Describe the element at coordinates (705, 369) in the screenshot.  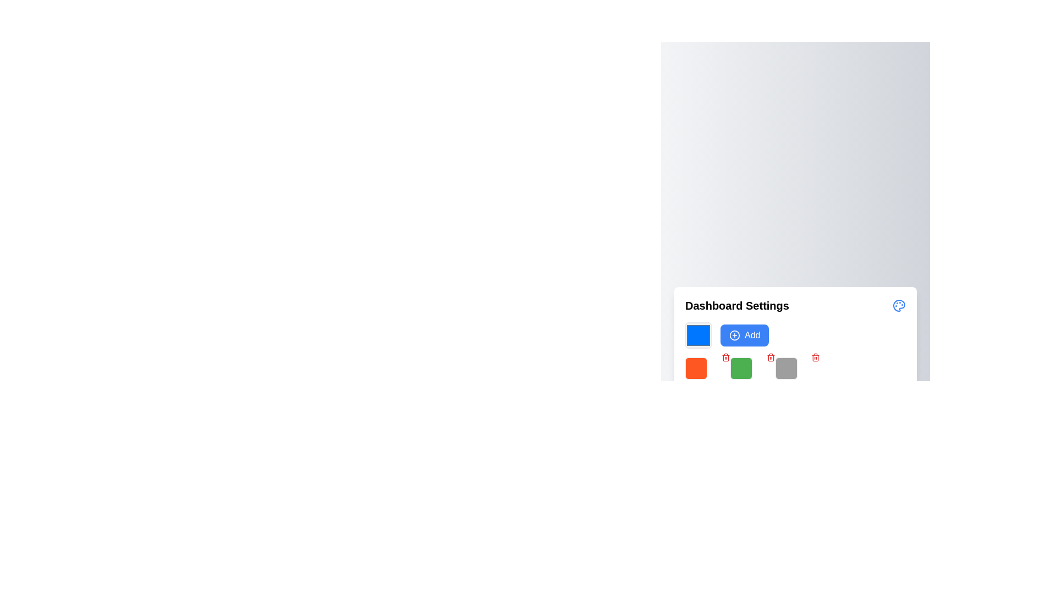
I see `the vibrant orange square-shaped box with slightly rounded corners located below the 'Dashboard Settings' header in the second row of the grid layout` at that location.